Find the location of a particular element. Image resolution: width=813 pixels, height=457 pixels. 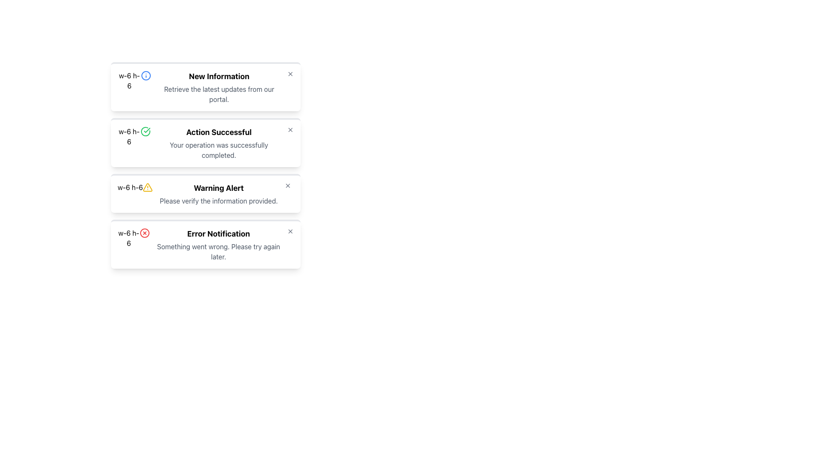

the text label that displays the title of the error notification message in the fourth notification card for accessibility purposes is located at coordinates (218, 234).